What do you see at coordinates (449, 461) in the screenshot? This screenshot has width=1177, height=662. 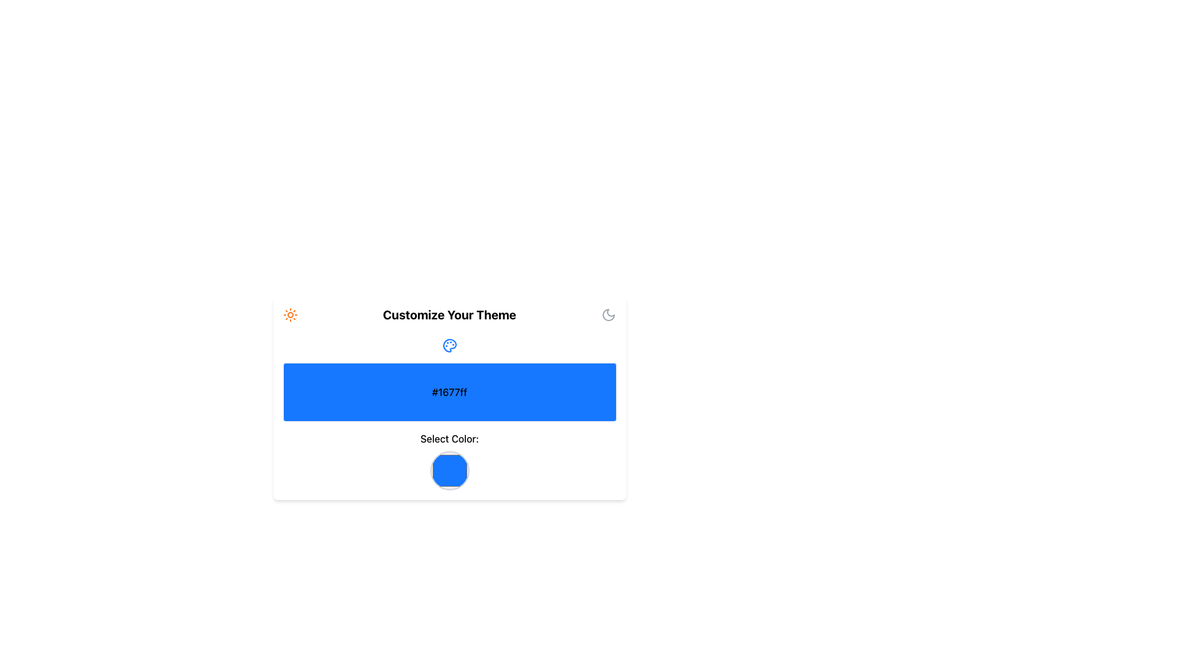 I see `the Color selector (circular) located at the bottom of the card beneath the '#1677ff' text block` at bounding box center [449, 461].